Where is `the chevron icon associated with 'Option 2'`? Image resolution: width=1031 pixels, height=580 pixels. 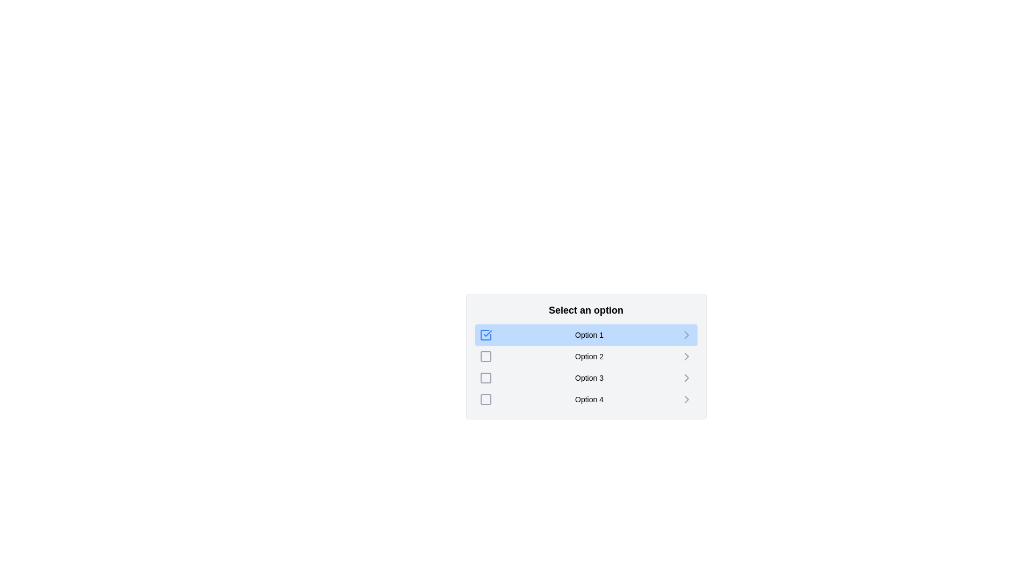
the chevron icon associated with 'Option 2' is located at coordinates (686, 356).